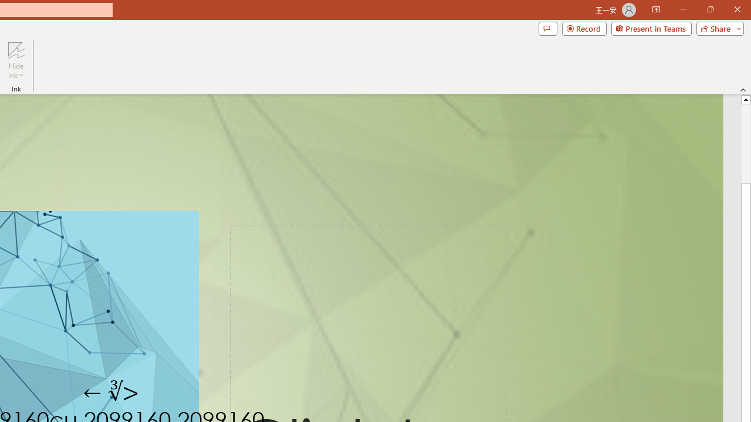 The height and width of the screenshot is (422, 751). Describe the element at coordinates (743, 89) in the screenshot. I see `'Collapse the Ribbon'` at that location.